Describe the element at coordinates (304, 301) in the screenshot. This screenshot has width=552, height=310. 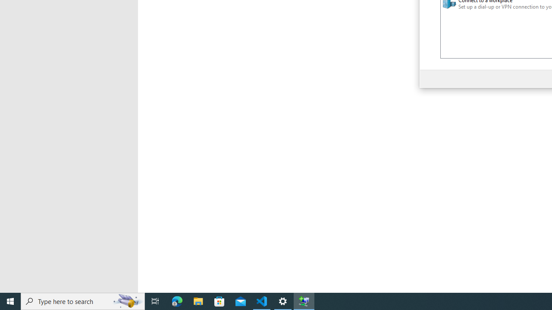
I see `'Extensible Wizards Host Process - 1 running window'` at that location.